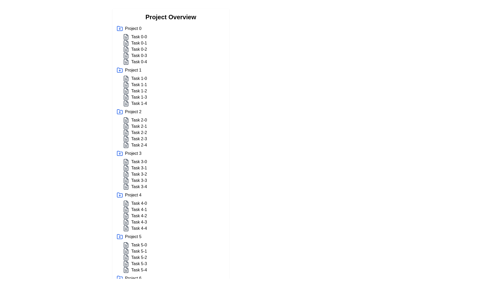 The height and width of the screenshot is (281, 500). What do you see at coordinates (126, 228) in the screenshot?
I see `the file icon representing 'Task 4-4' located under 'Project 4' in the left-hand side hierarchical listing` at bounding box center [126, 228].